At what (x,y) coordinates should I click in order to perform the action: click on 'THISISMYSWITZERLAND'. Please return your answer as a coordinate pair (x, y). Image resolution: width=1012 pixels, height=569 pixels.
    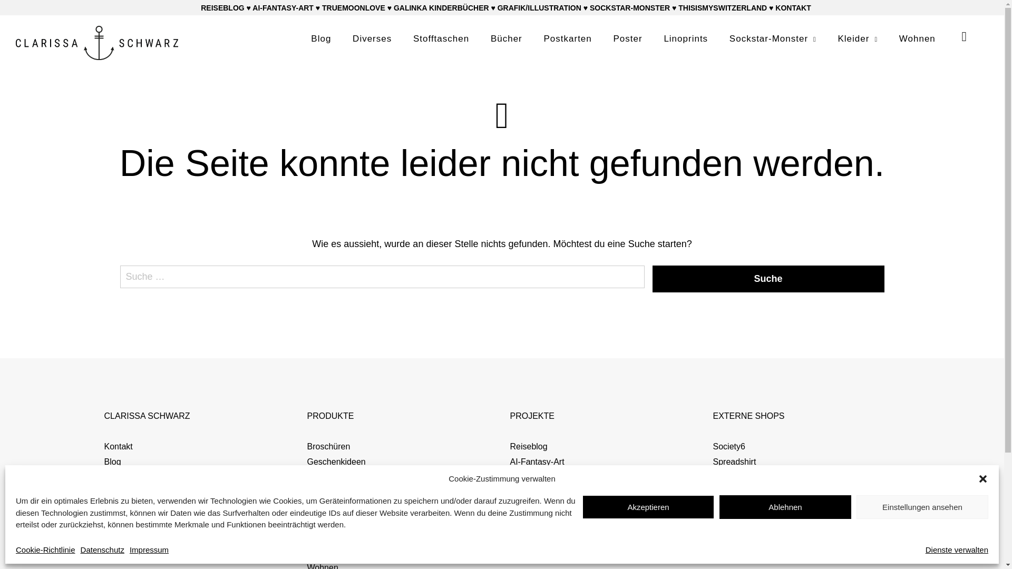
    Looking at the image, I should click on (722, 8).